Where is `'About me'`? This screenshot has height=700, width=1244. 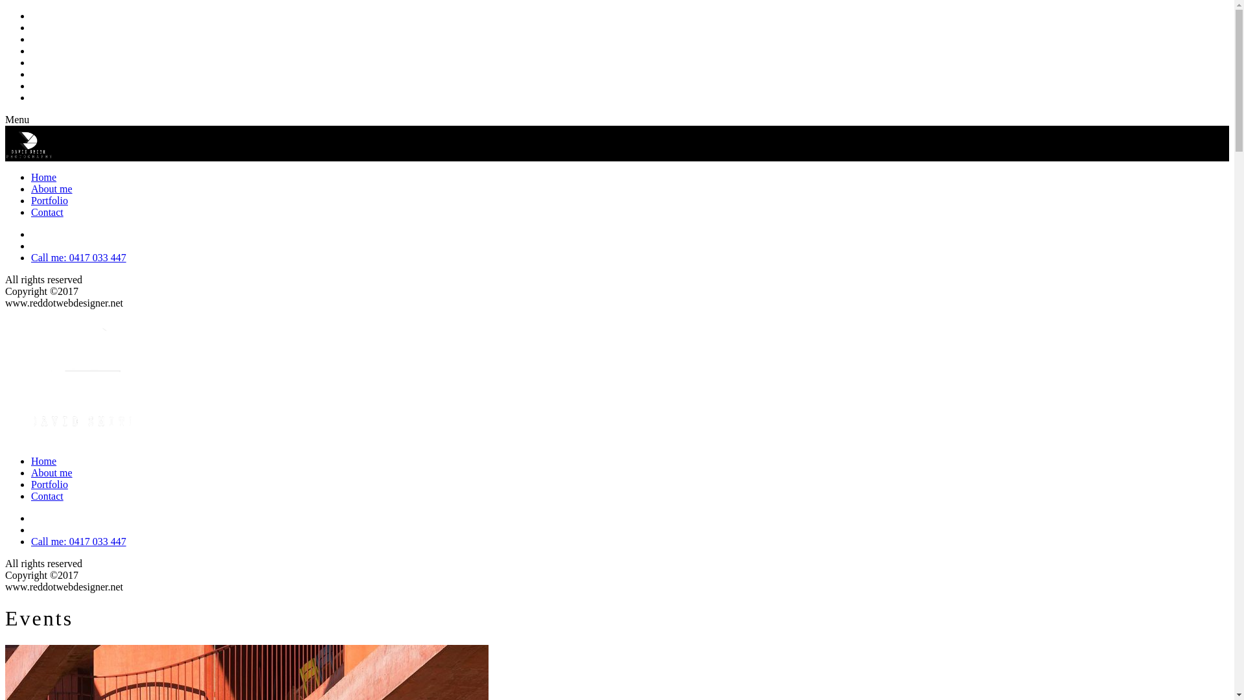 'About me' is located at coordinates (52, 189).